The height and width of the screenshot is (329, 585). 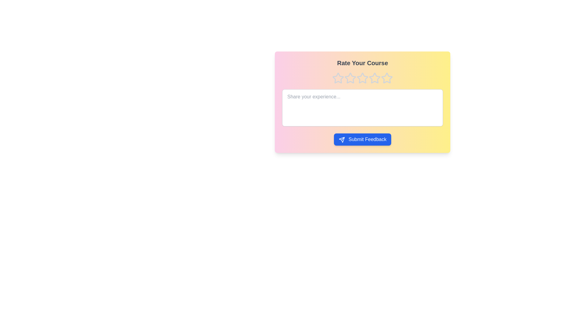 I want to click on the rating bar consisting of five outlined stars in the 'Rate Your Course' section, so click(x=363, y=78).